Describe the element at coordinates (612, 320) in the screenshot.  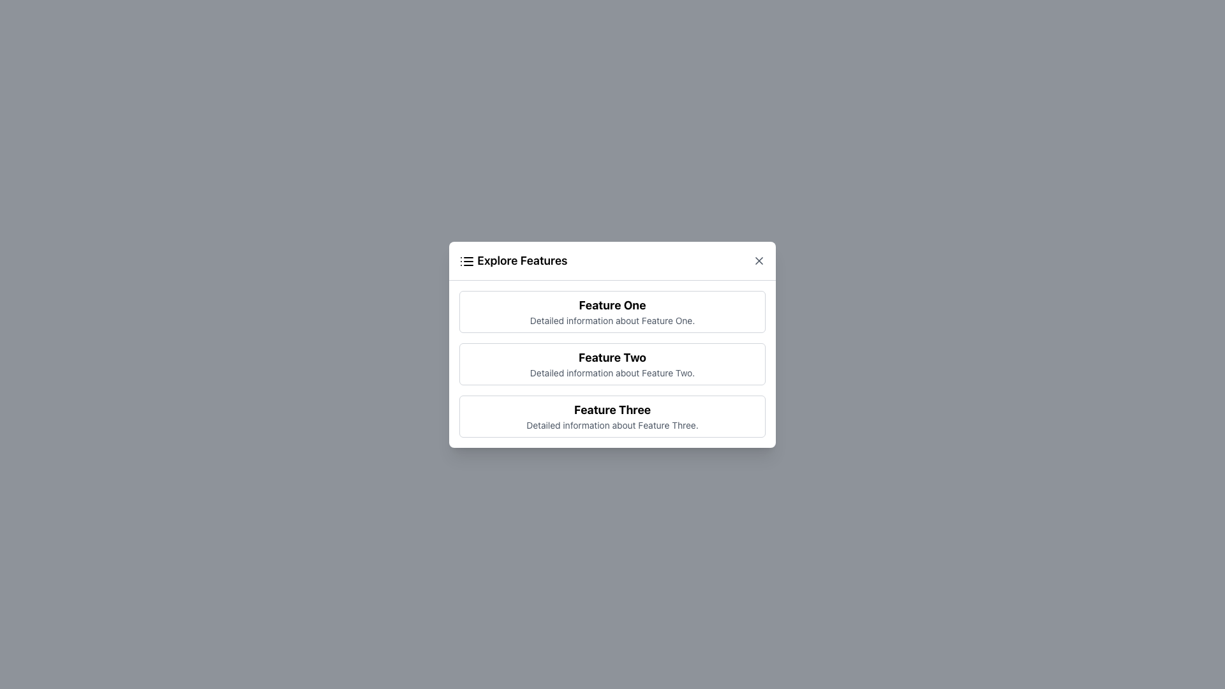
I see `the text element that reads 'Detailed information about Feature One', which is styled in smaller, gray text and positioned below the bold title 'Feature One'` at that location.